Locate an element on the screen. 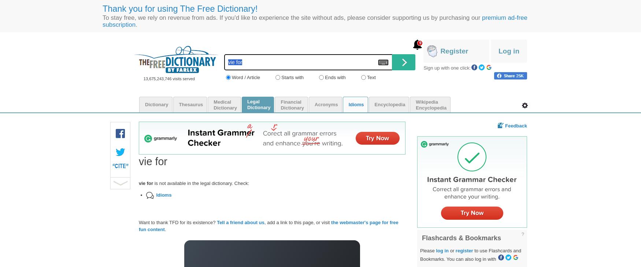 This screenshot has height=267, width=641. 'Wikipedia' is located at coordinates (426, 101).